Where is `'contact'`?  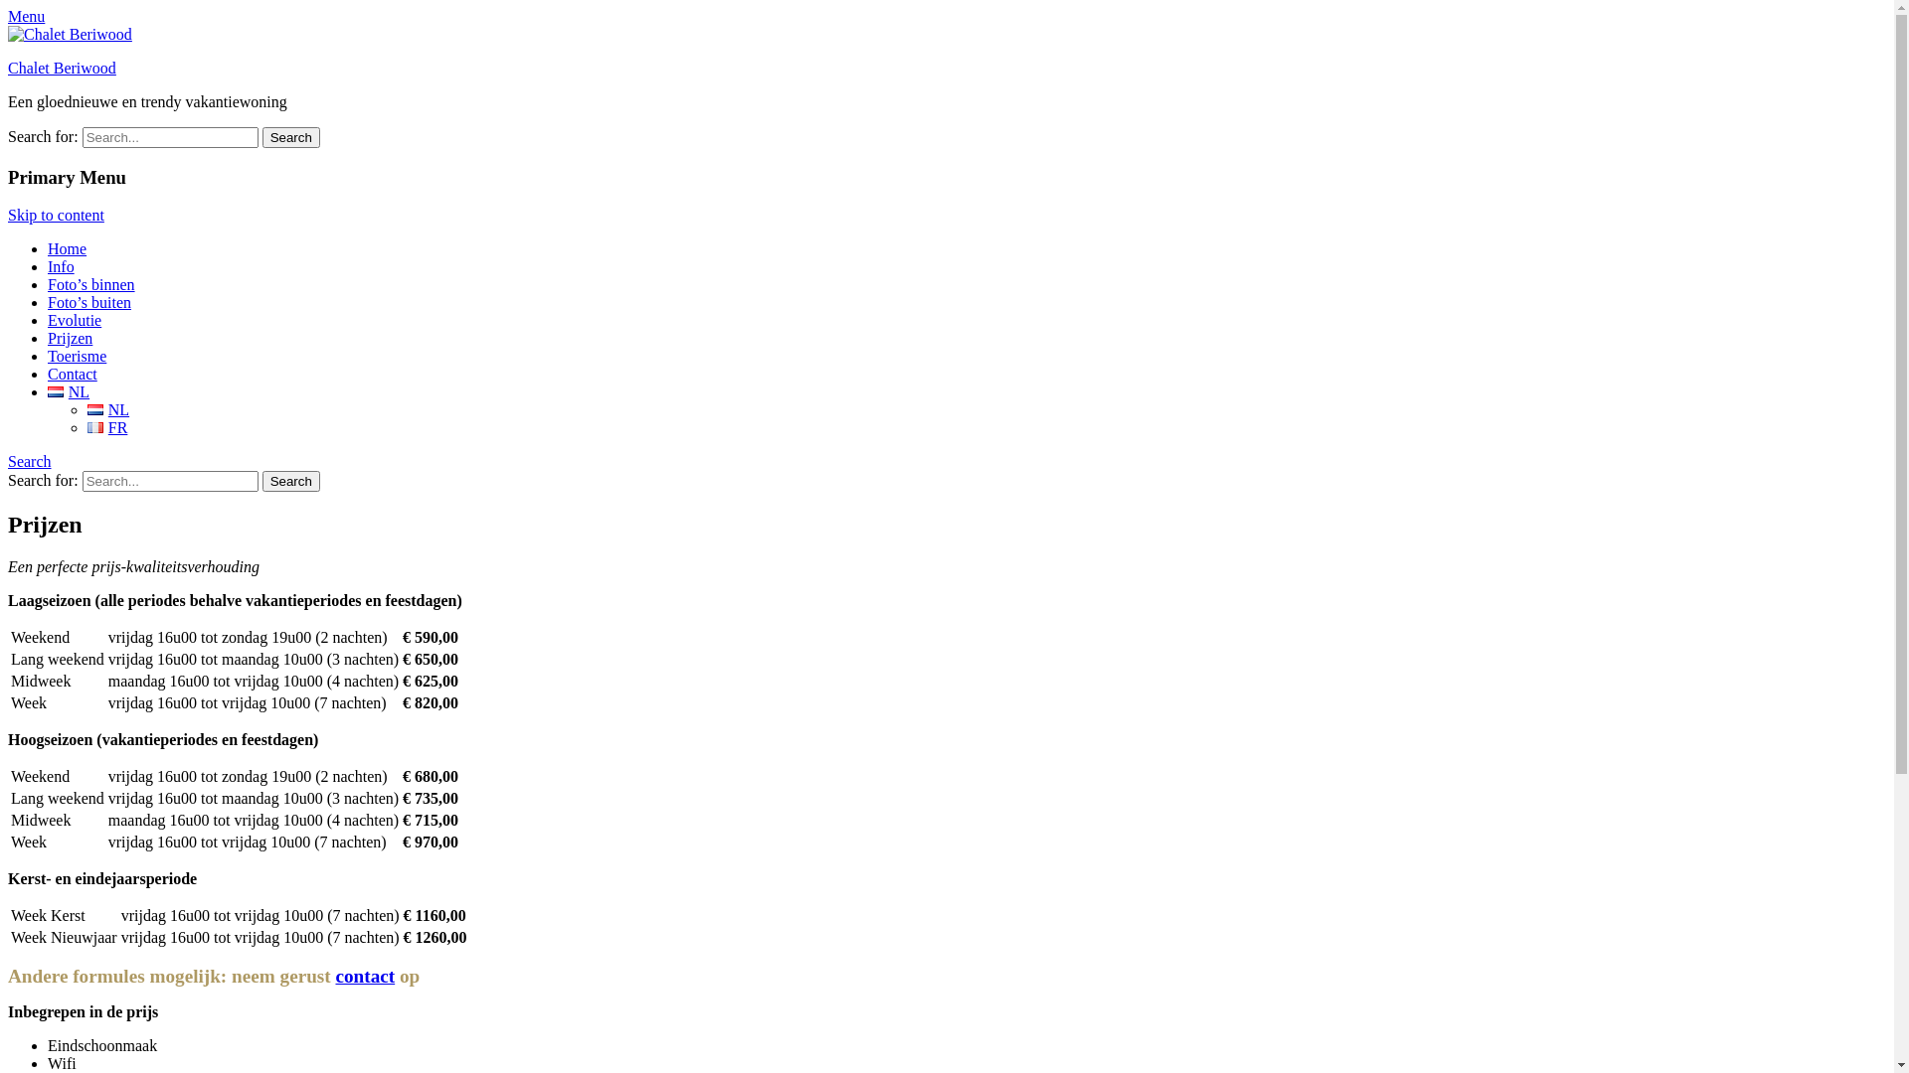
'contact' is located at coordinates (335, 975).